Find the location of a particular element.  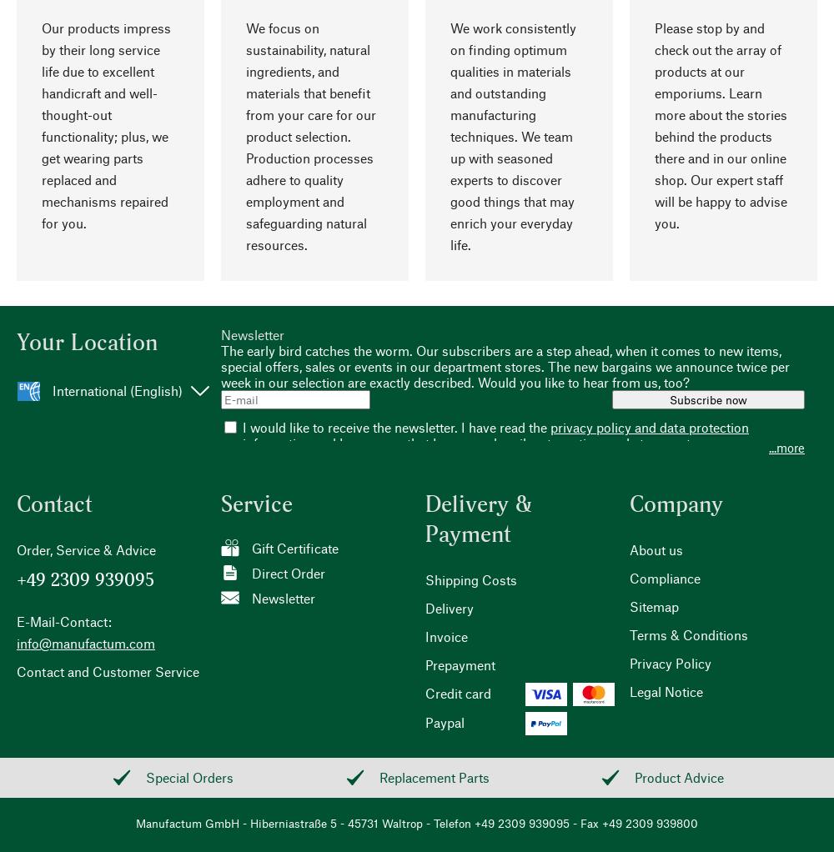

'E-Mail-Contact:' is located at coordinates (17, 620).